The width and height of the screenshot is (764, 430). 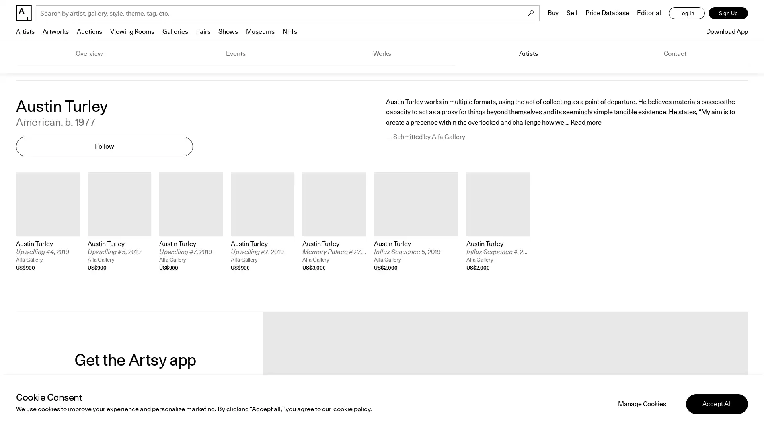 What do you see at coordinates (586, 123) in the screenshot?
I see `Read more` at bounding box center [586, 123].